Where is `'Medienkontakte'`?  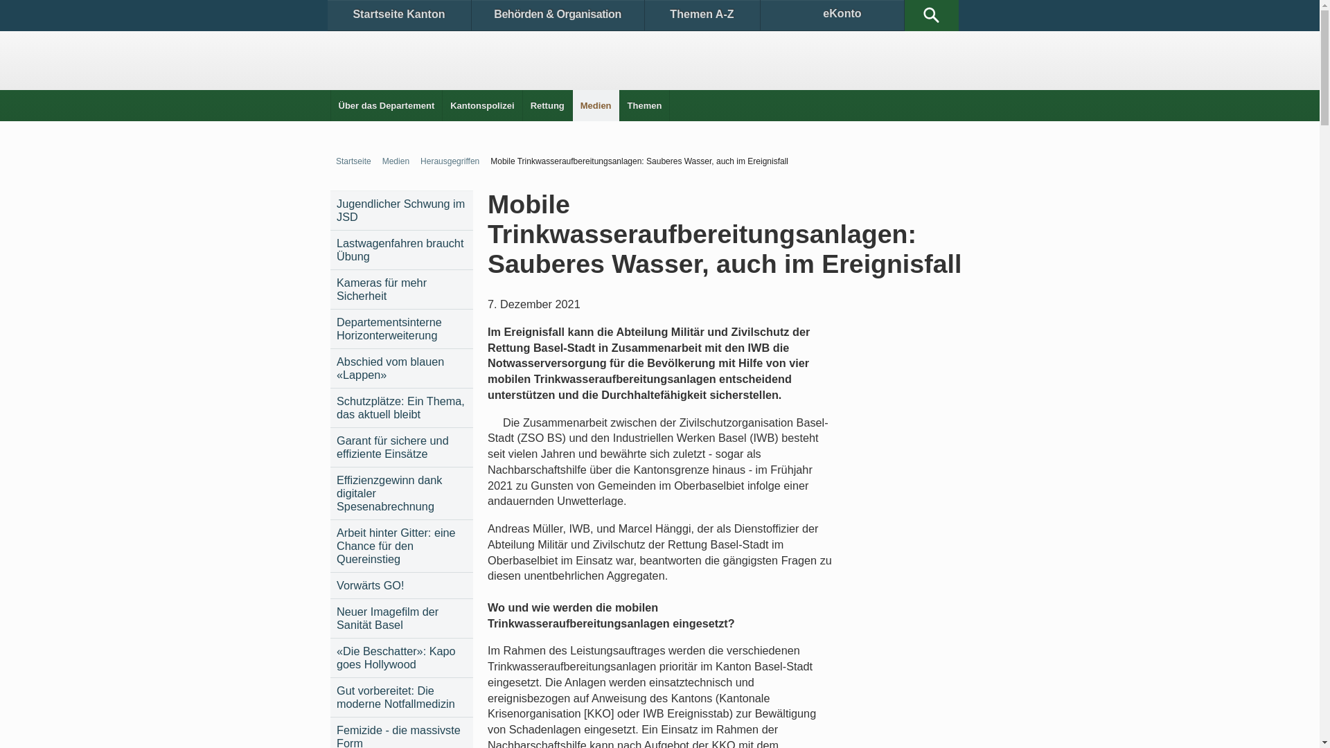
'Medienkontakte' is located at coordinates (640, 42).